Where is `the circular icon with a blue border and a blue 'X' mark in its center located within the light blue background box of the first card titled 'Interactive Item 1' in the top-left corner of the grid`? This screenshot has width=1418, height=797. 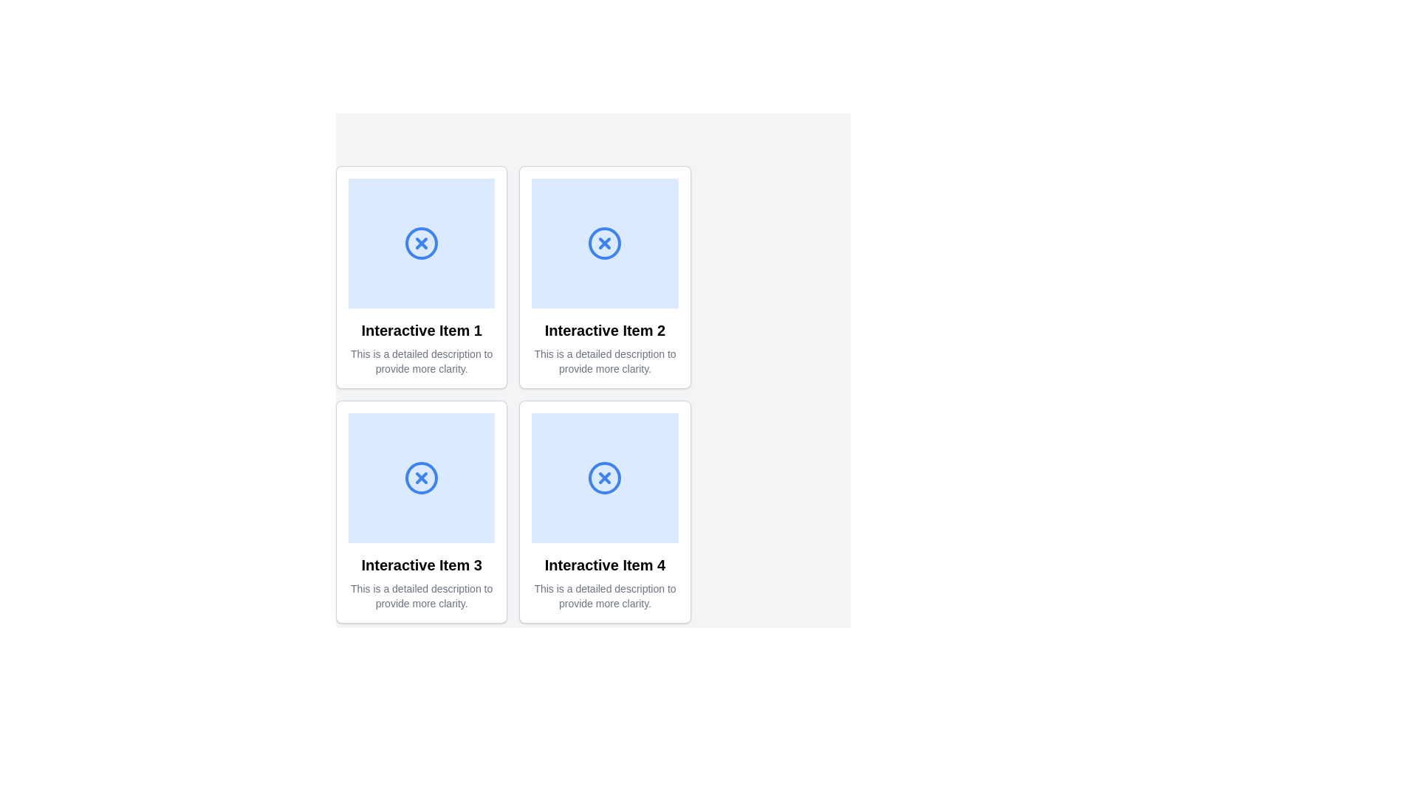 the circular icon with a blue border and a blue 'X' mark in its center located within the light blue background box of the first card titled 'Interactive Item 1' in the top-left corner of the grid is located at coordinates (421, 243).